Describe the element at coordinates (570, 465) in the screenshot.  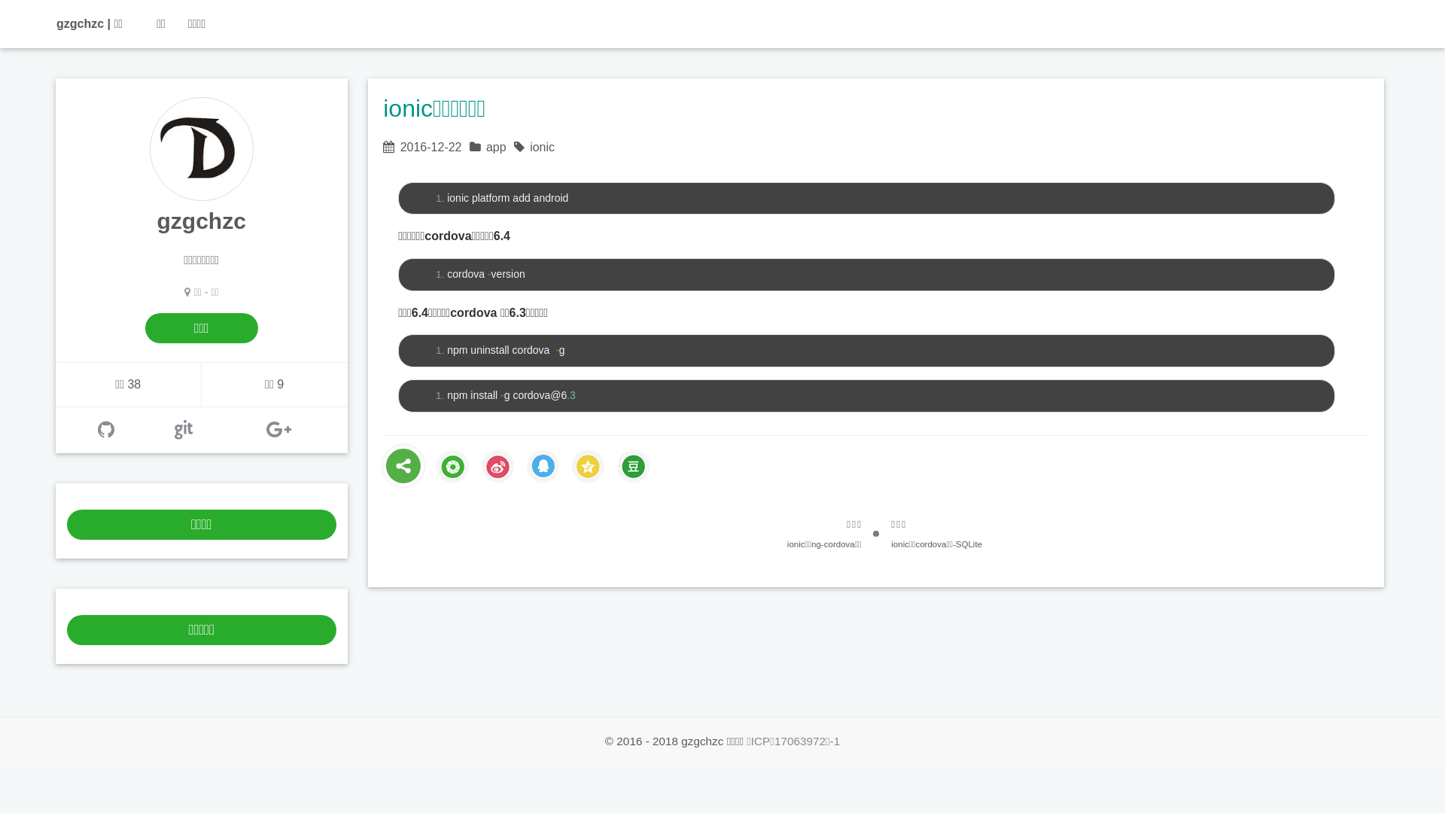
I see `'qZone'` at that location.